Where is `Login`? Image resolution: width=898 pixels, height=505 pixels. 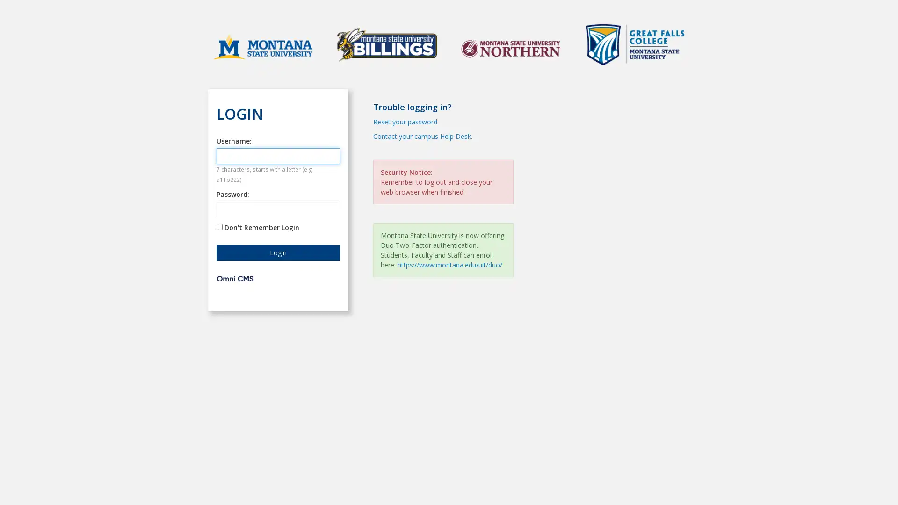
Login is located at coordinates (278, 252).